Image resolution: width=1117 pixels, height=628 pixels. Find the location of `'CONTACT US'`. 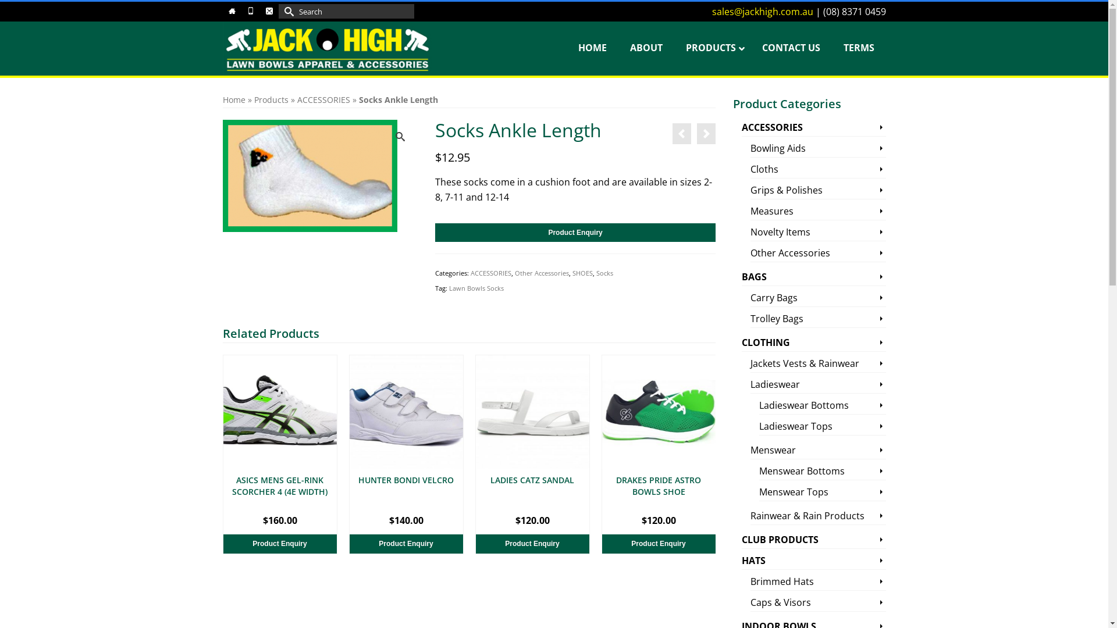

'CONTACT US' is located at coordinates (791, 47).